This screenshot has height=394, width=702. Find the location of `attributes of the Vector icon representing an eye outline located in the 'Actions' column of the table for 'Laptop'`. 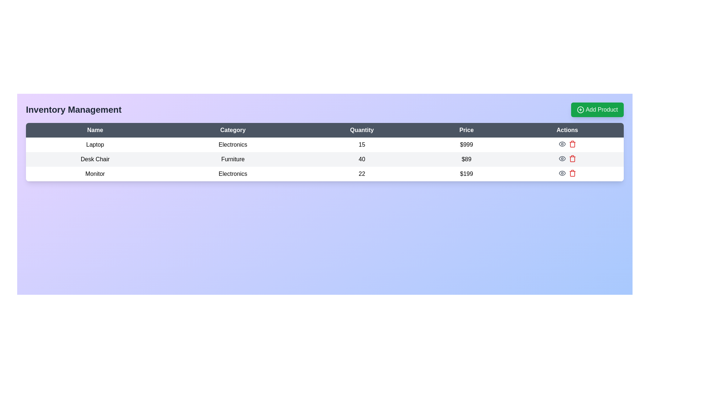

attributes of the Vector icon representing an eye outline located in the 'Actions' column of the table for 'Laptop' is located at coordinates (562, 173).